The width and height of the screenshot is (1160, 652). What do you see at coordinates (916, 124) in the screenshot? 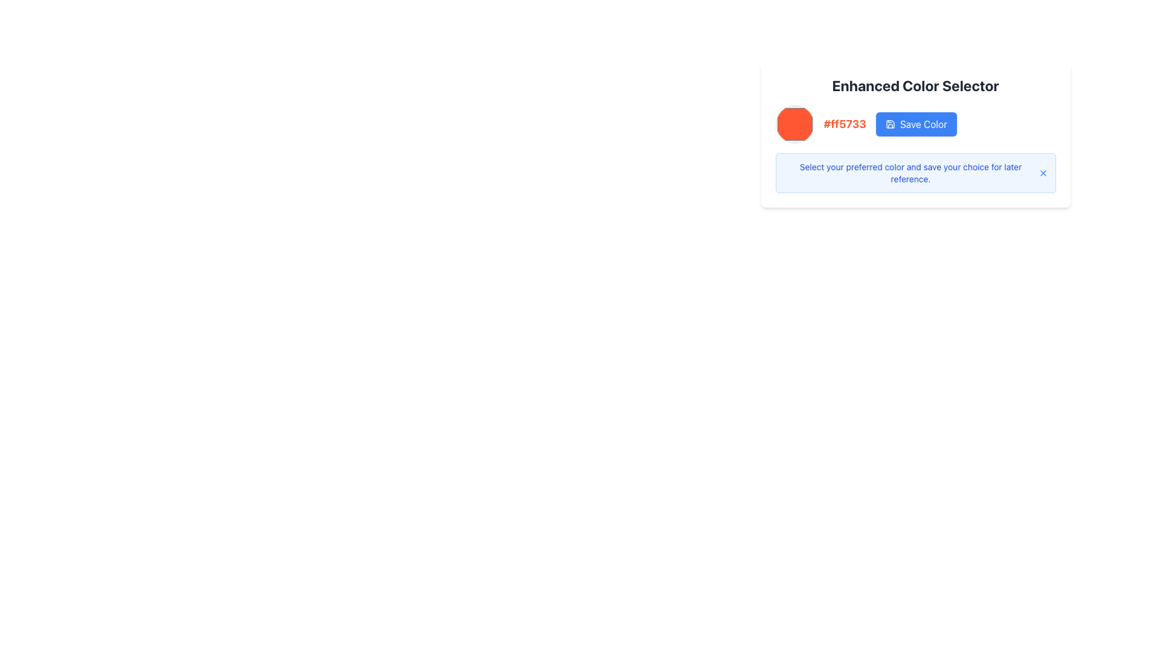
I see `the save button located to the right of the color code text` at bounding box center [916, 124].